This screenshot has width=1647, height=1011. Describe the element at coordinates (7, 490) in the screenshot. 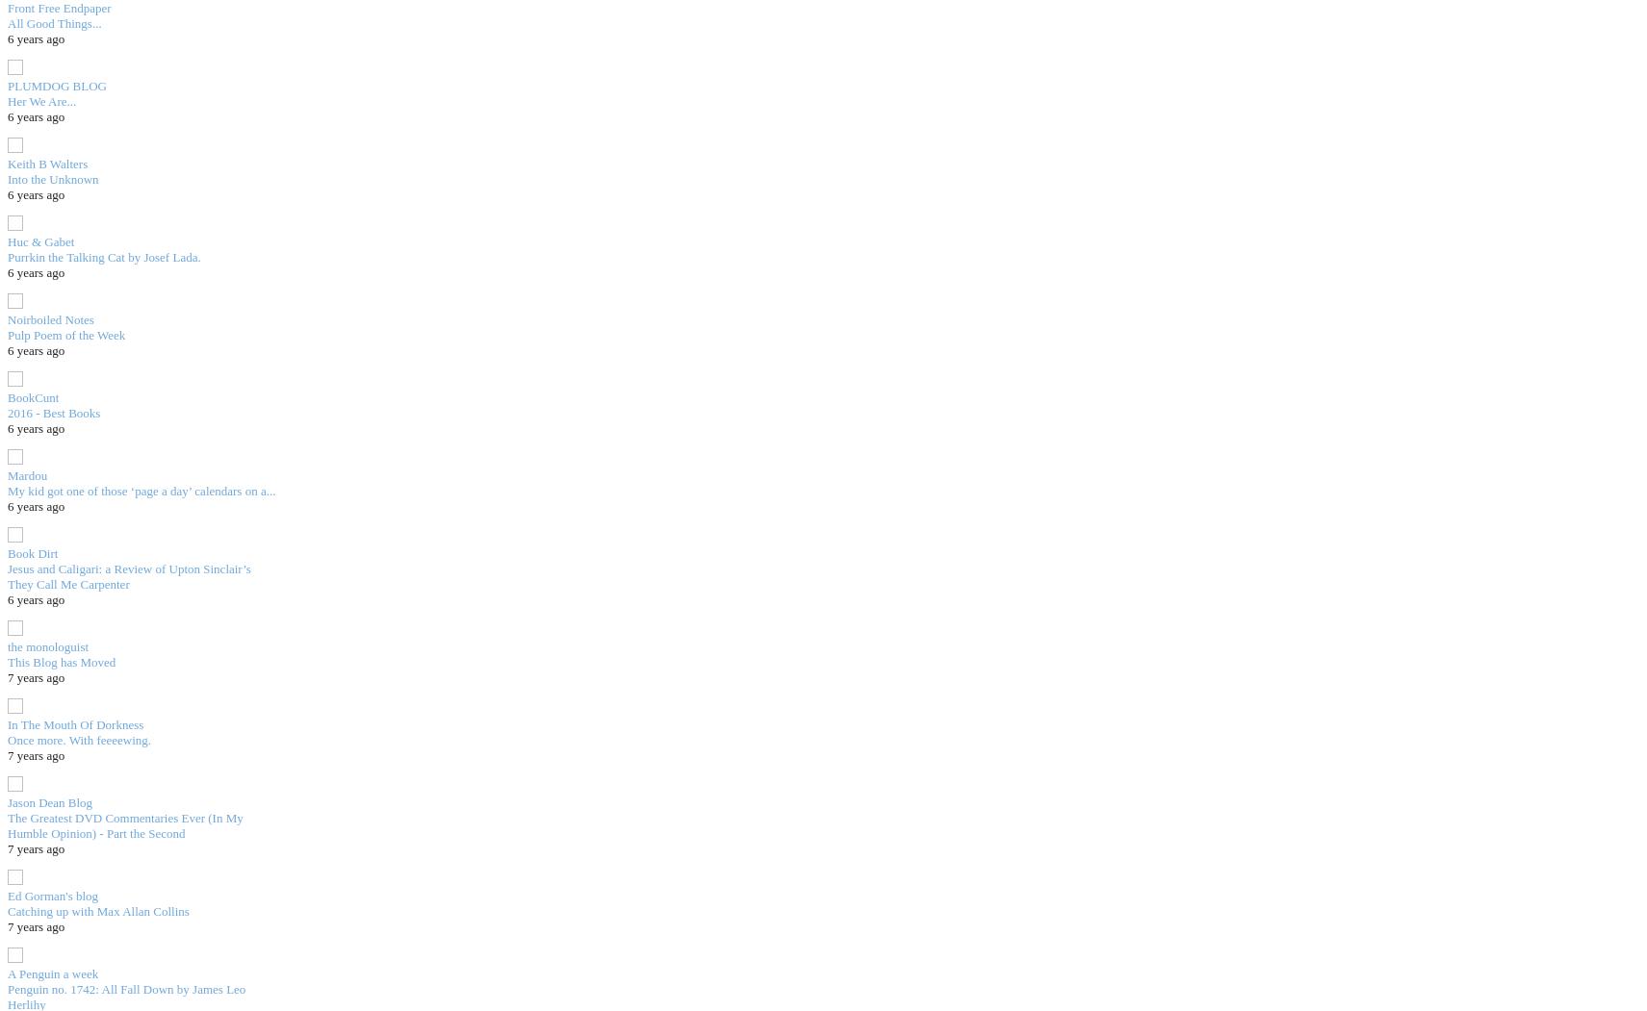

I see `'My kid got one of those ‘page a day’ calendars on a...'` at that location.